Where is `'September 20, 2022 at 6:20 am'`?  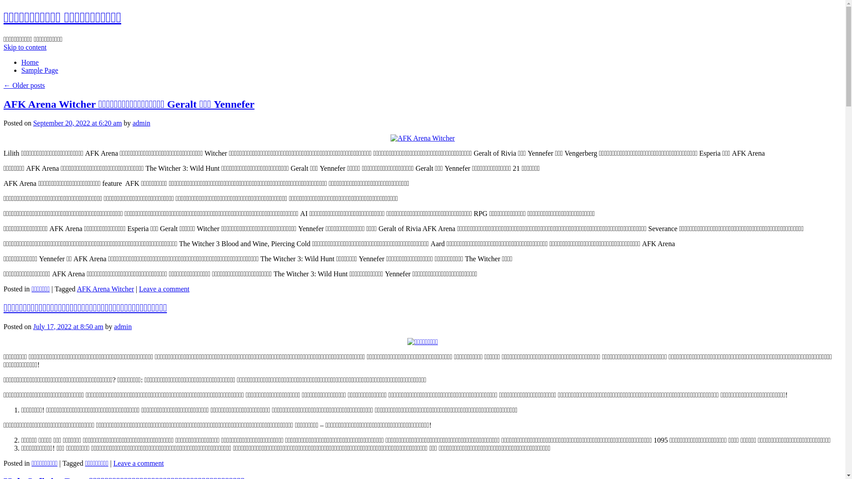 'September 20, 2022 at 6:20 am' is located at coordinates (77, 123).